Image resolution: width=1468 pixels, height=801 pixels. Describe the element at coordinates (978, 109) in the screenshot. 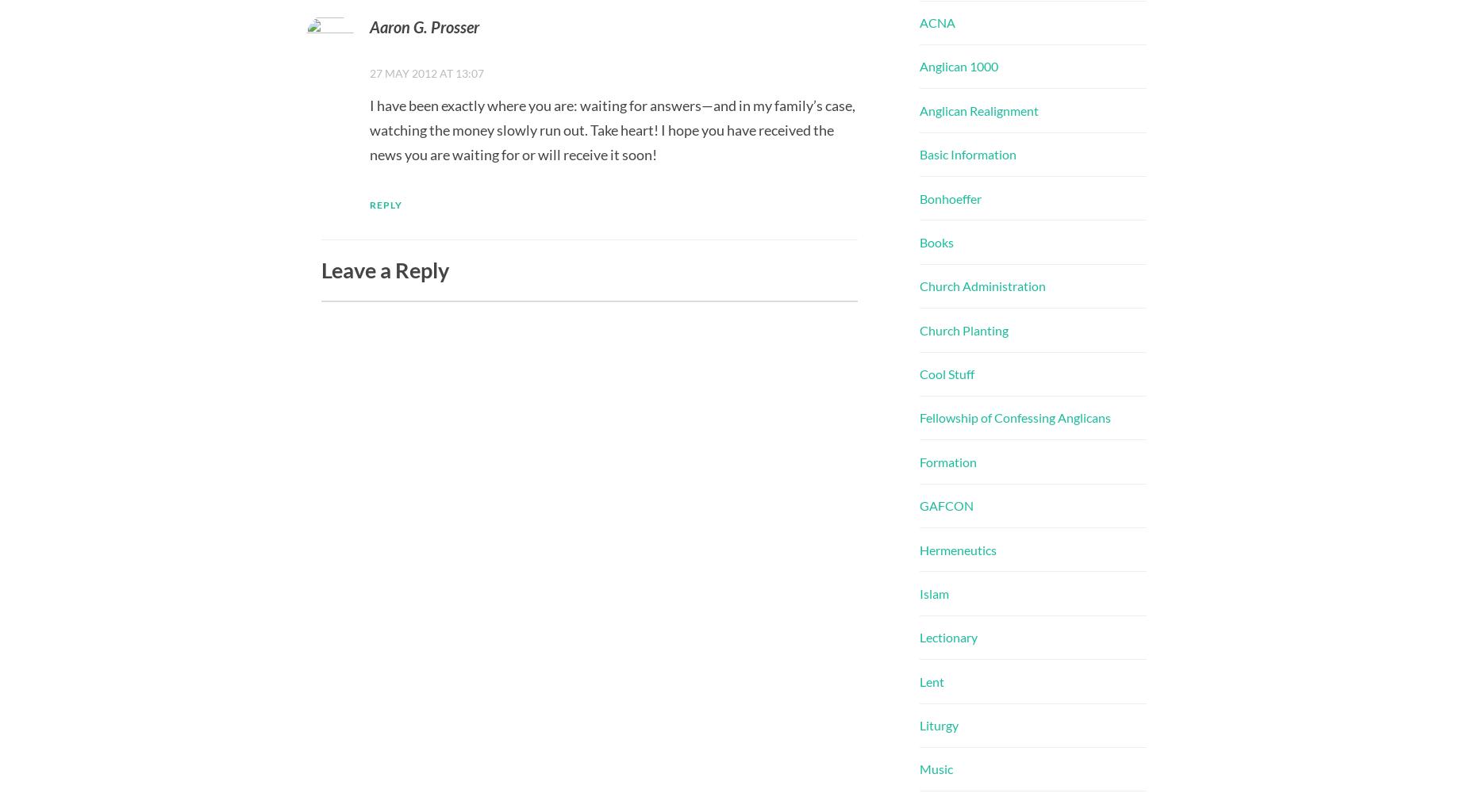

I see `'Anglican Realignment'` at that location.